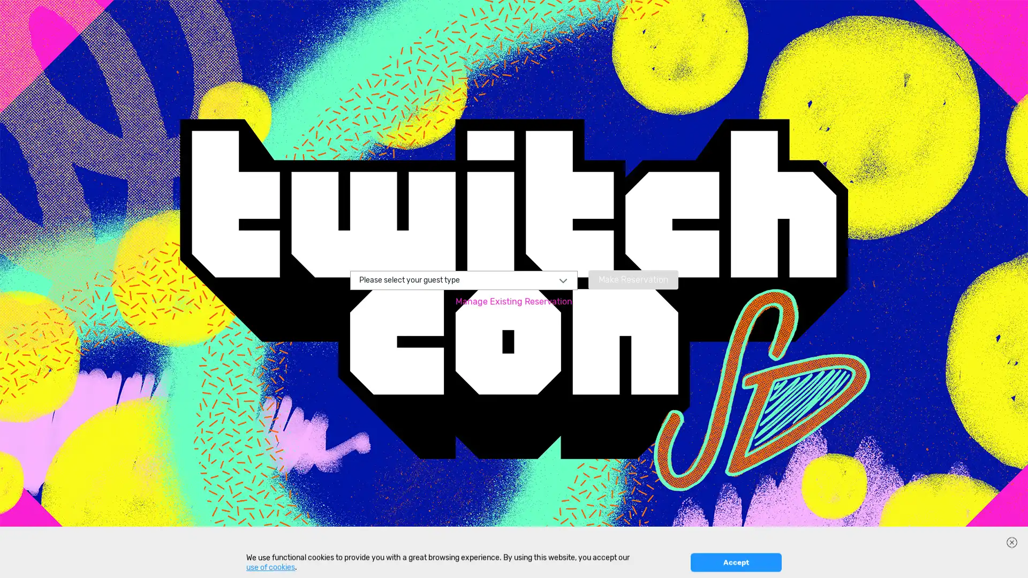  What do you see at coordinates (632, 278) in the screenshot?
I see `Make Reservation` at bounding box center [632, 278].